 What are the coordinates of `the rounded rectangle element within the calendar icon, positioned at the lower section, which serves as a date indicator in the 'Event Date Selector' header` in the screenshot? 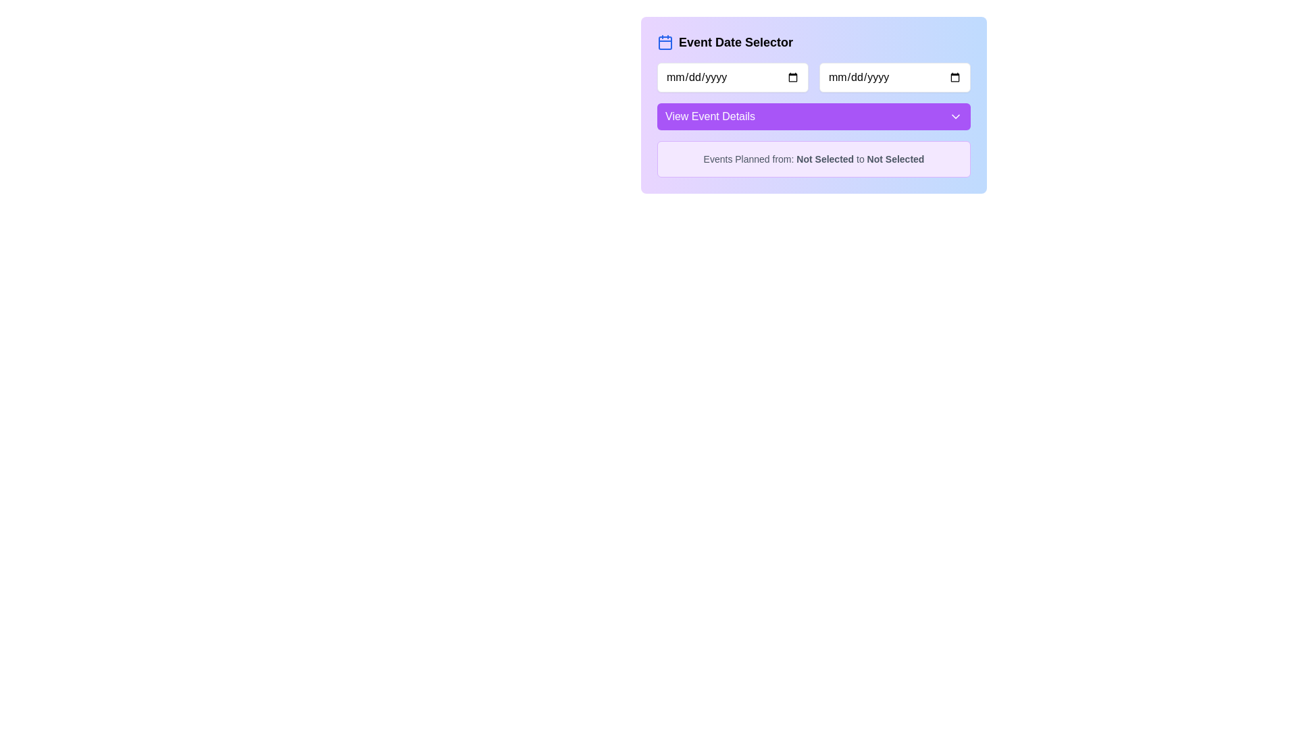 It's located at (665, 43).